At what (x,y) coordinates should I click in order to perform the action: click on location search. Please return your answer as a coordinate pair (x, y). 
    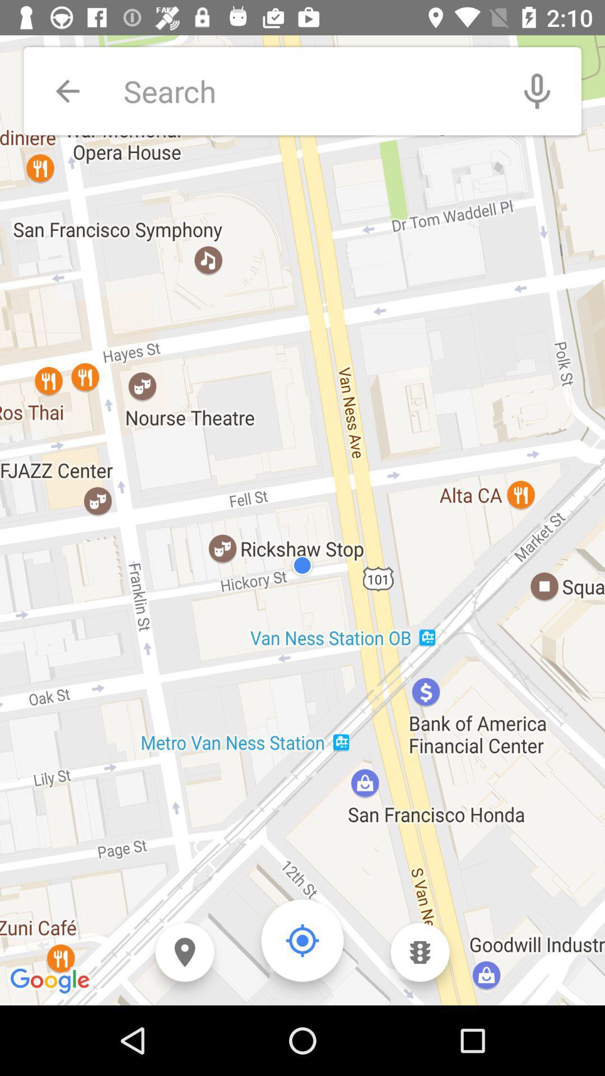
    Looking at the image, I should click on (308, 91).